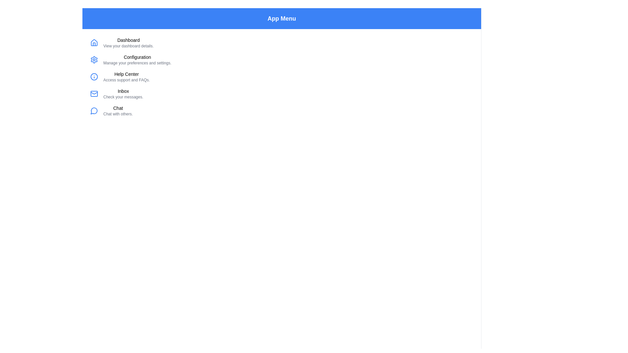  Describe the element at coordinates (137, 57) in the screenshot. I see `the 'Configuration' text label, which is a bold heading located above the subtext 'Manage your preferences and settings' in the menu layout` at that location.